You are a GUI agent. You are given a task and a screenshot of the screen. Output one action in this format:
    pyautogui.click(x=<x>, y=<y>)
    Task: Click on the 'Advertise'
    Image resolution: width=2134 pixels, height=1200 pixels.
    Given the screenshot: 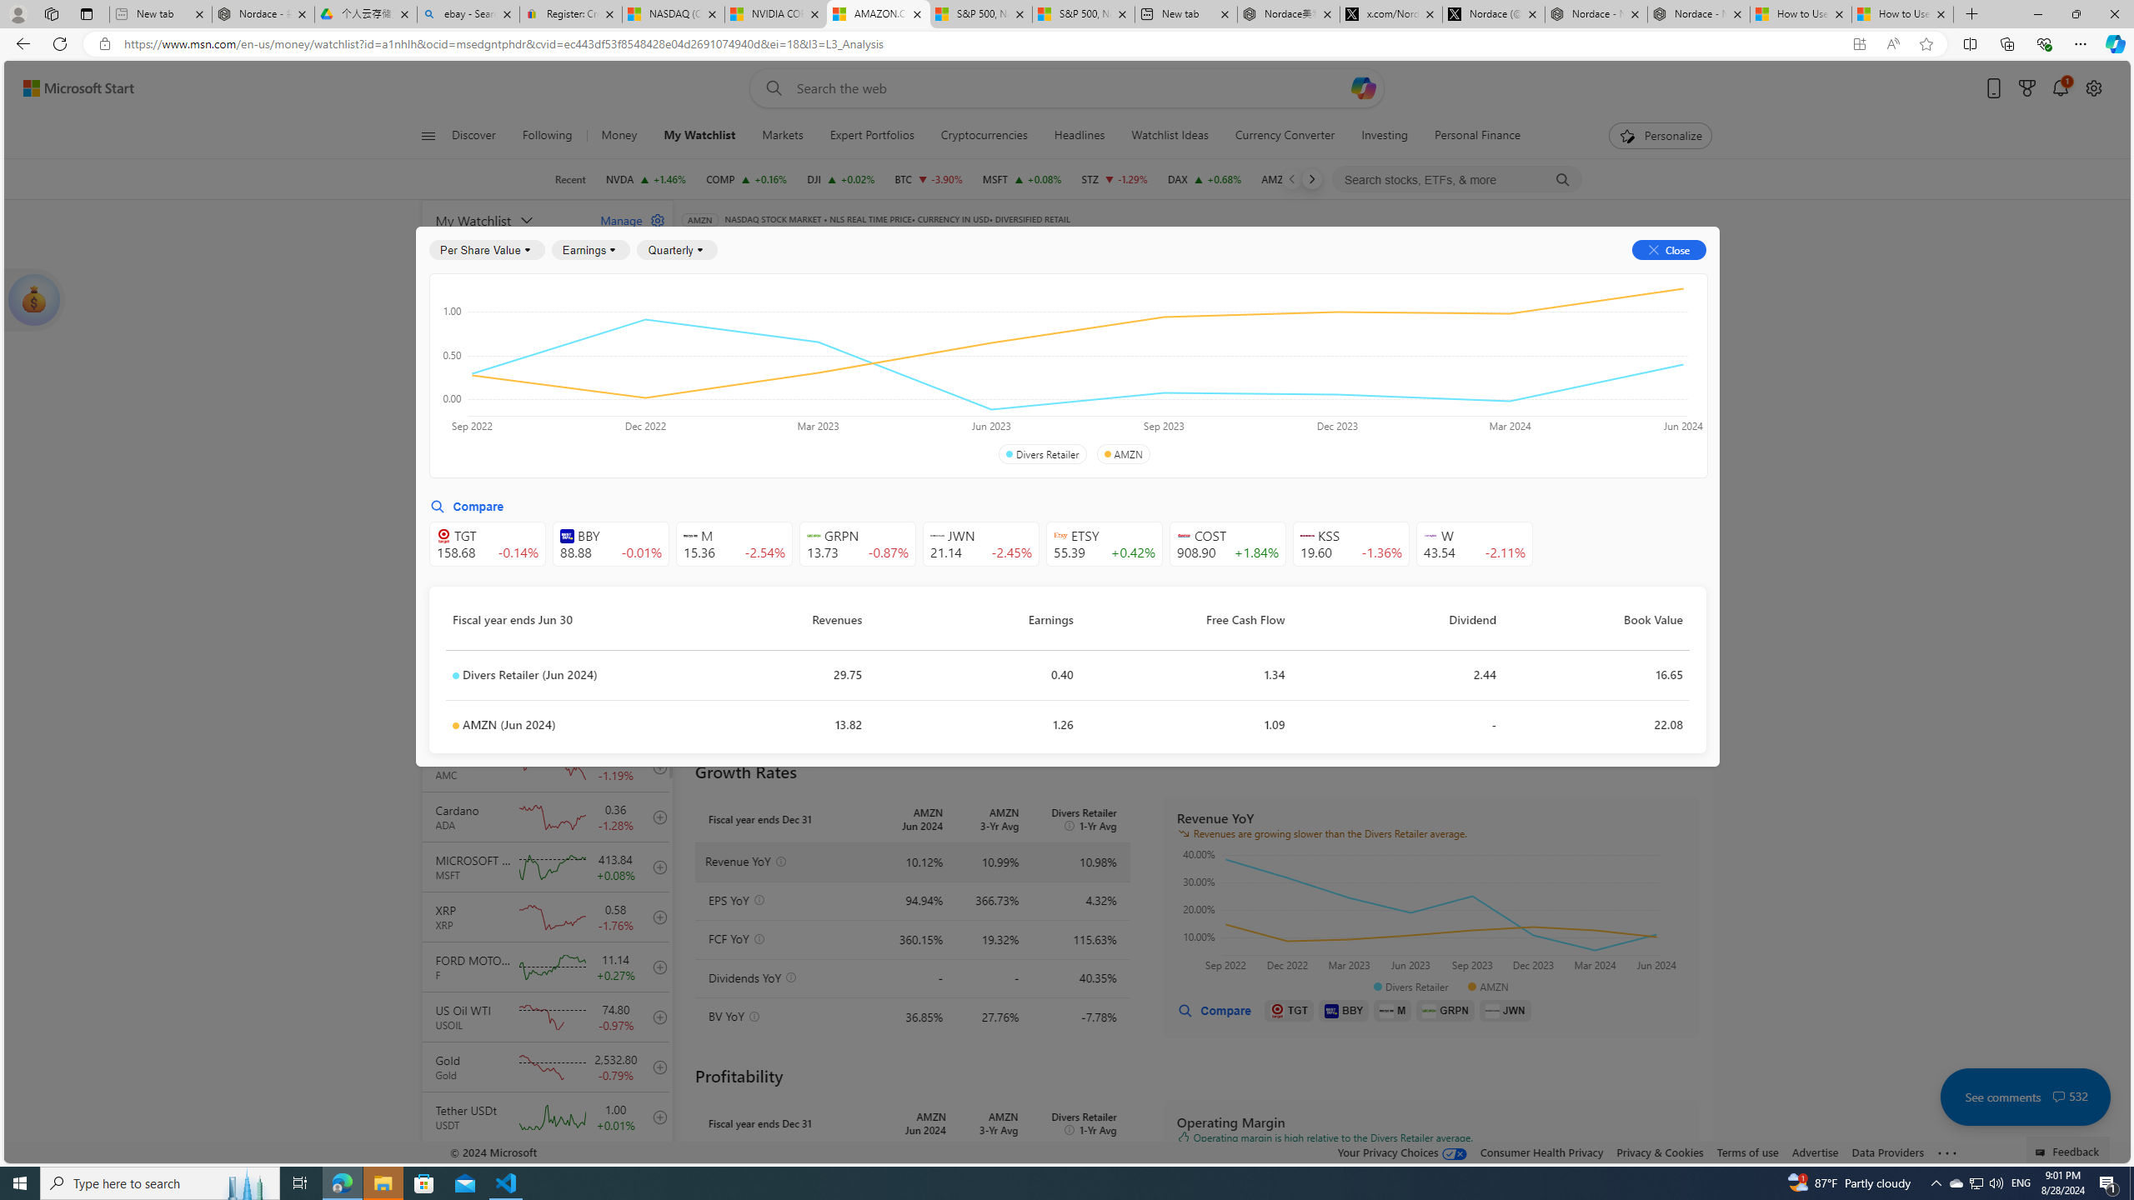 What is the action you would take?
    pyautogui.click(x=1814, y=1152)
    